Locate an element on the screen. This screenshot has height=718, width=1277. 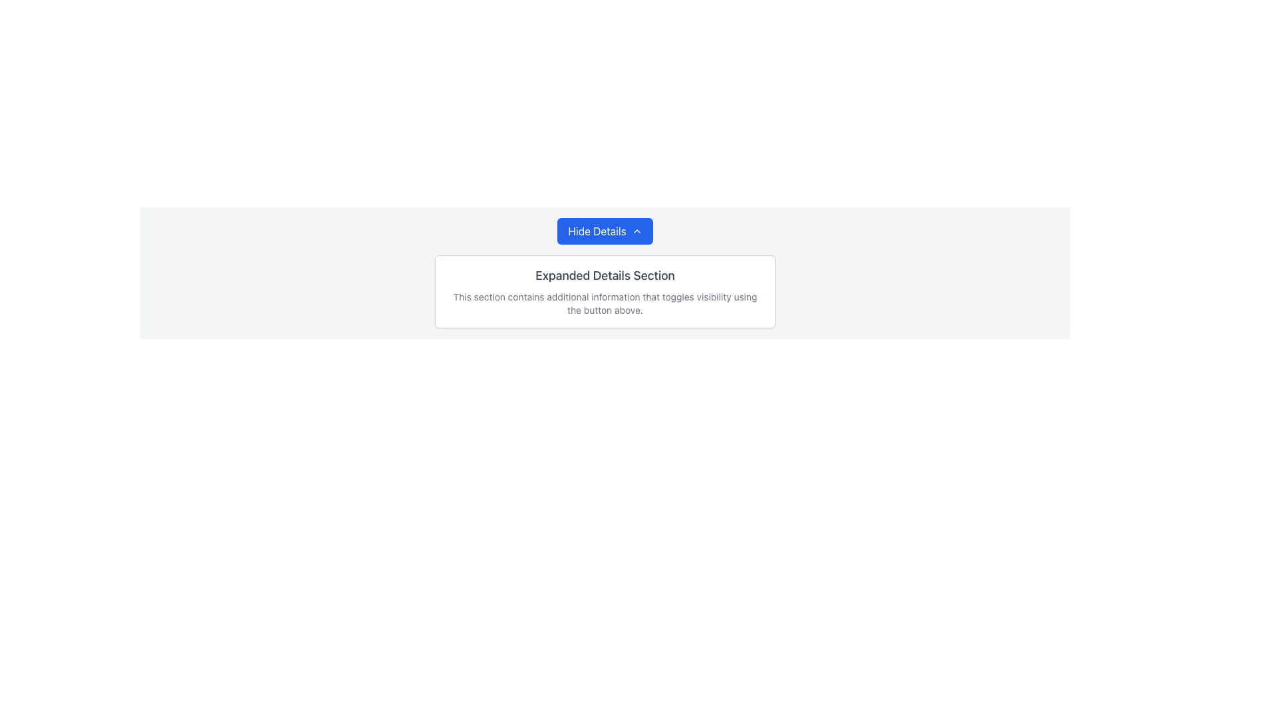
the static text label that reads 'This section contains additional information that toggles visibility using the button above.' located in the 'Expanded Details Section' card is located at coordinates (605, 303).